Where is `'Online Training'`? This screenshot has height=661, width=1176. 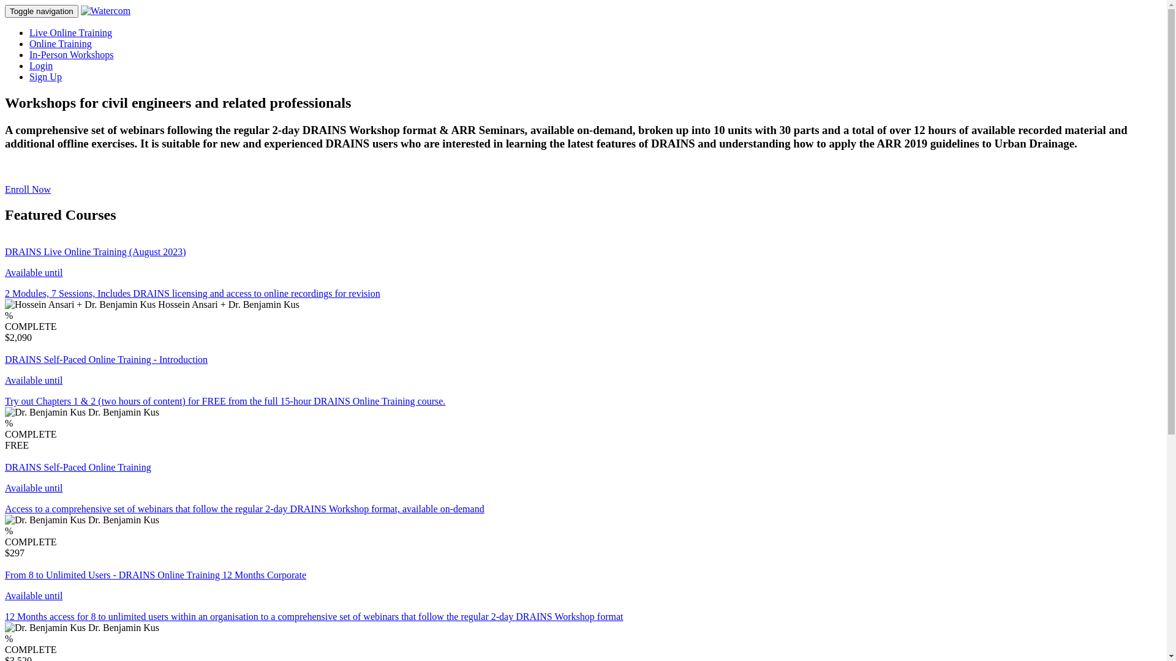
'Online Training' is located at coordinates (60, 43).